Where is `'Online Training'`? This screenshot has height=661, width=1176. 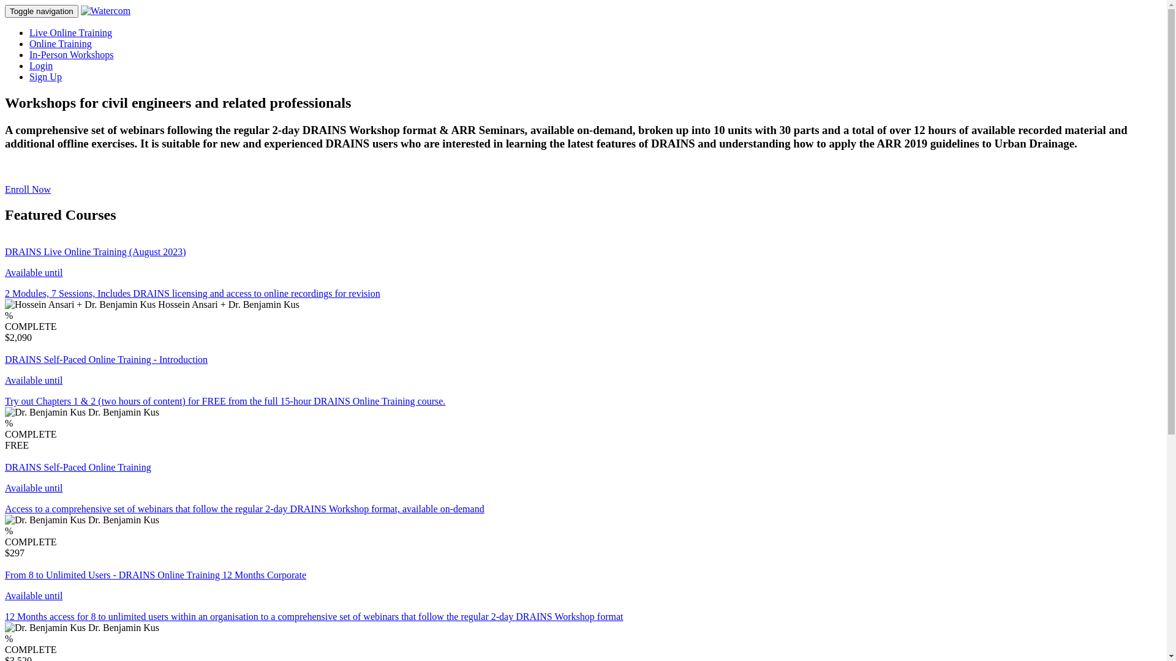
'Online Training' is located at coordinates (60, 43).